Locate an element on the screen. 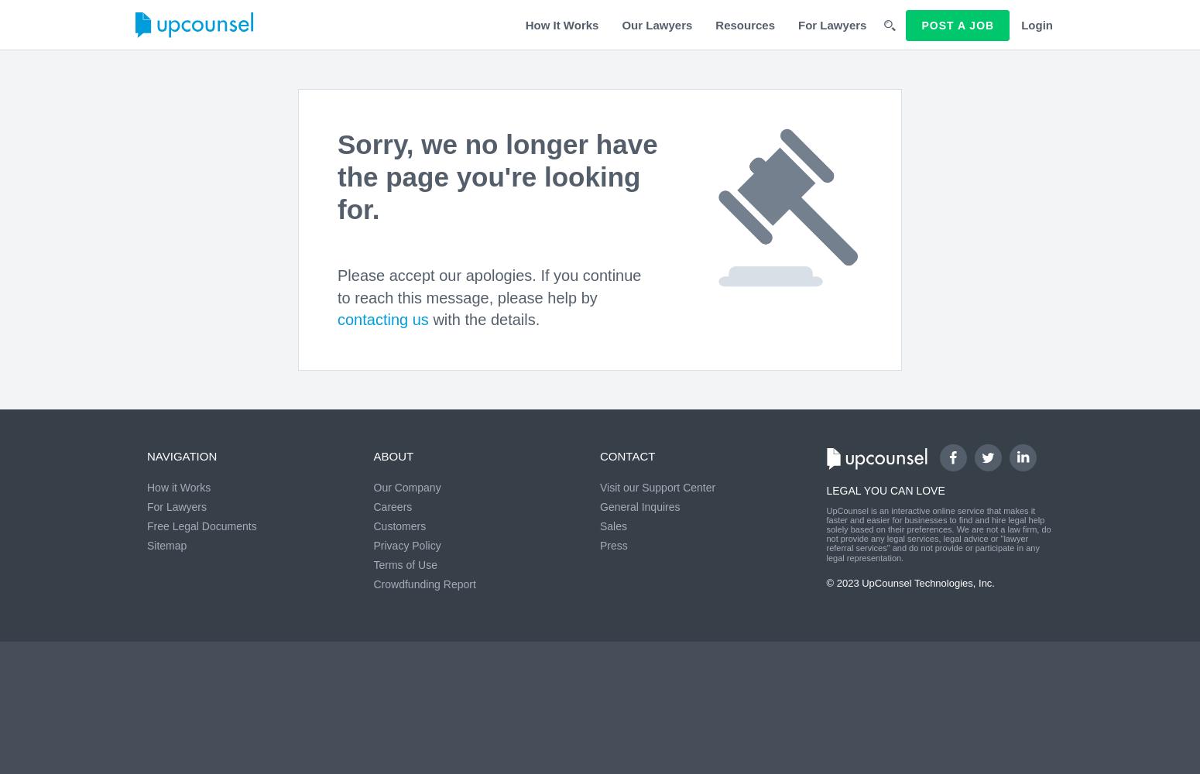 This screenshot has height=774, width=1200. 'Visit our Support Center' is located at coordinates (657, 488).